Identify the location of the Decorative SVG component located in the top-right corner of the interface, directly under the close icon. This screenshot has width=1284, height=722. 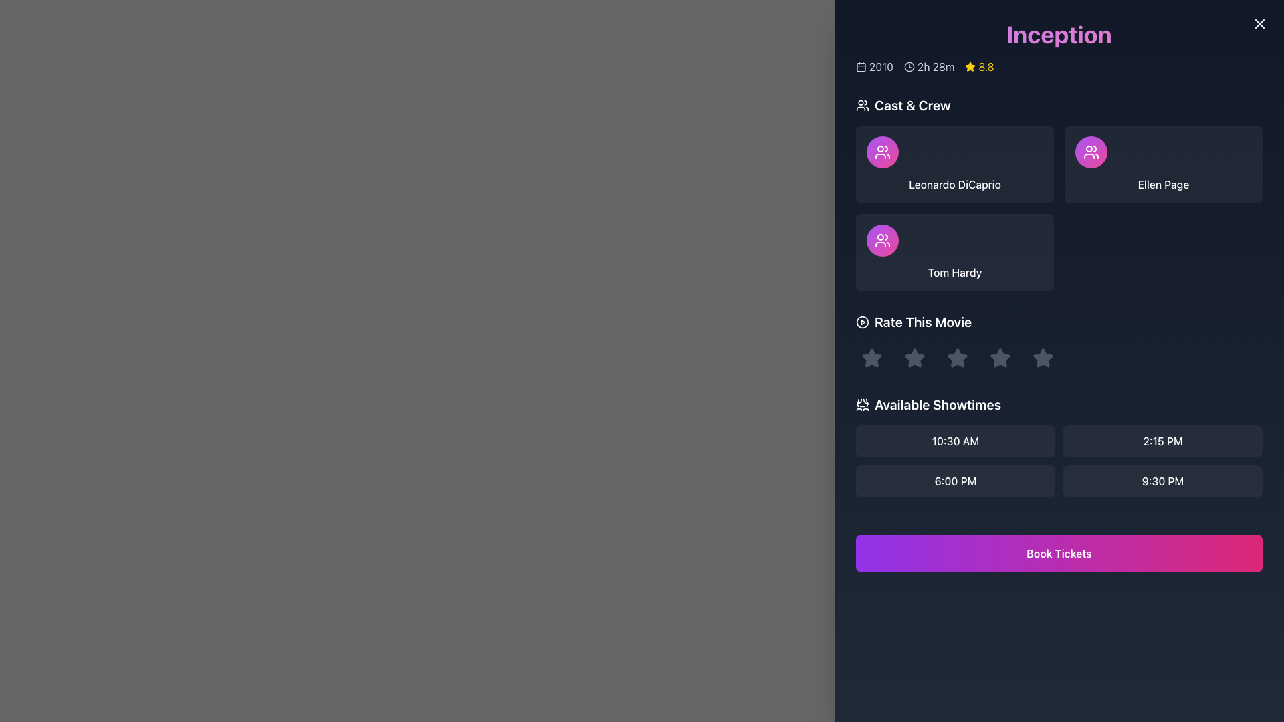
(1257, 26).